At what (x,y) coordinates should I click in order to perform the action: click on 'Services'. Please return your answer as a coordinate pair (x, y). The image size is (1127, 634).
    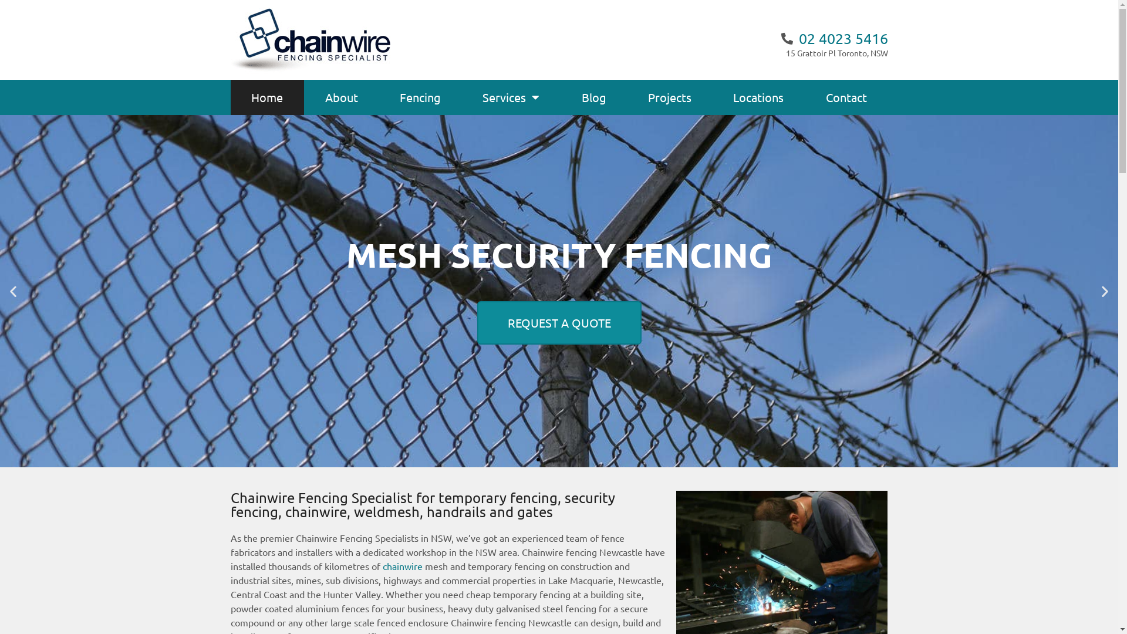
    Looking at the image, I should click on (461, 96).